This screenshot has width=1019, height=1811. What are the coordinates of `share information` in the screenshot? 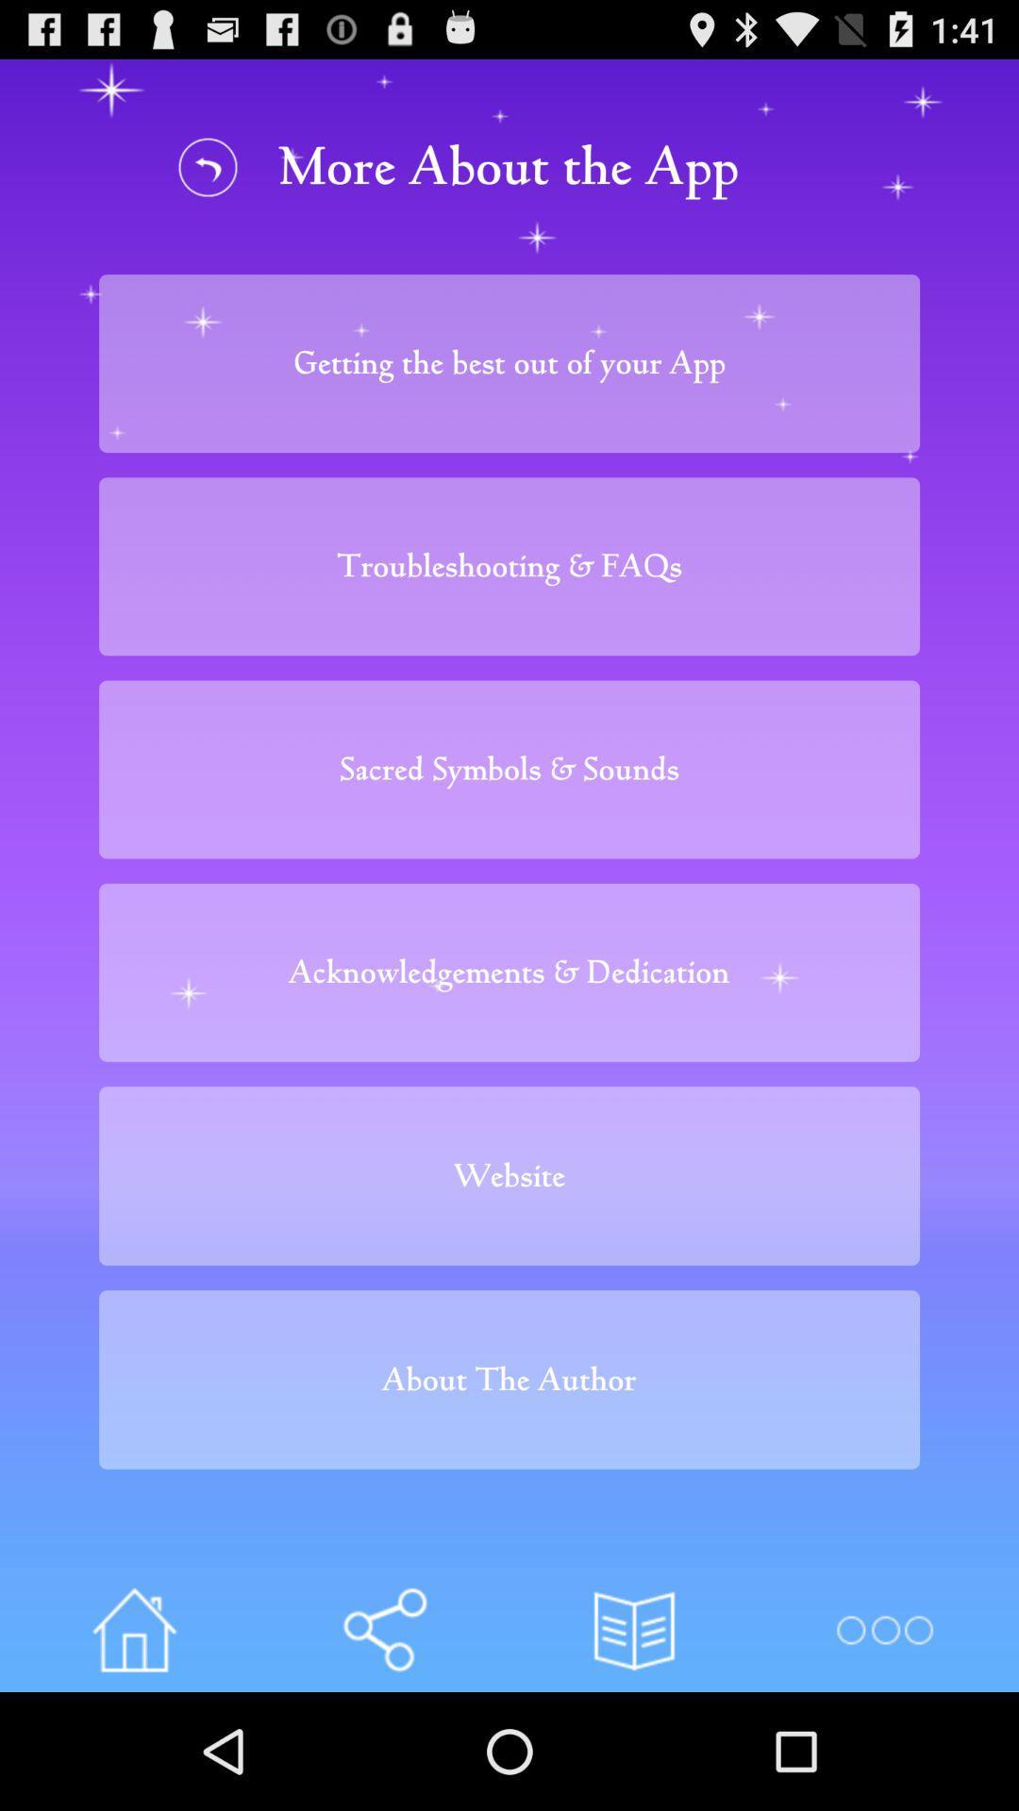 It's located at (383, 1629).